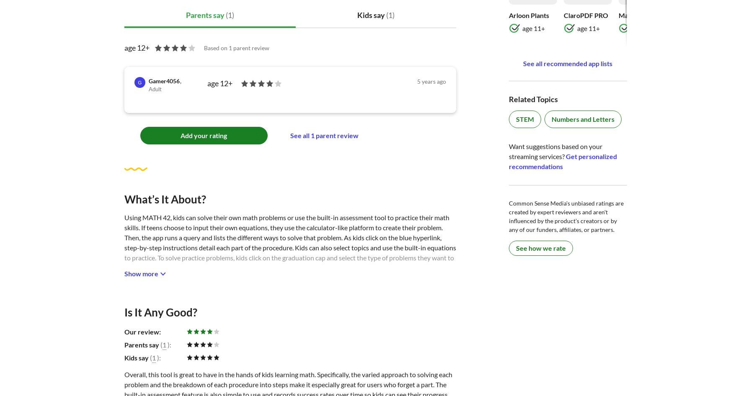 This screenshot has width=751, height=396. What do you see at coordinates (566, 216) in the screenshot?
I see `'Common Sense Media's unbiased ratings are created by expert reviewers and aren't influenced by the product's creators or by any of our funders, affiliates, or partners.'` at bounding box center [566, 216].